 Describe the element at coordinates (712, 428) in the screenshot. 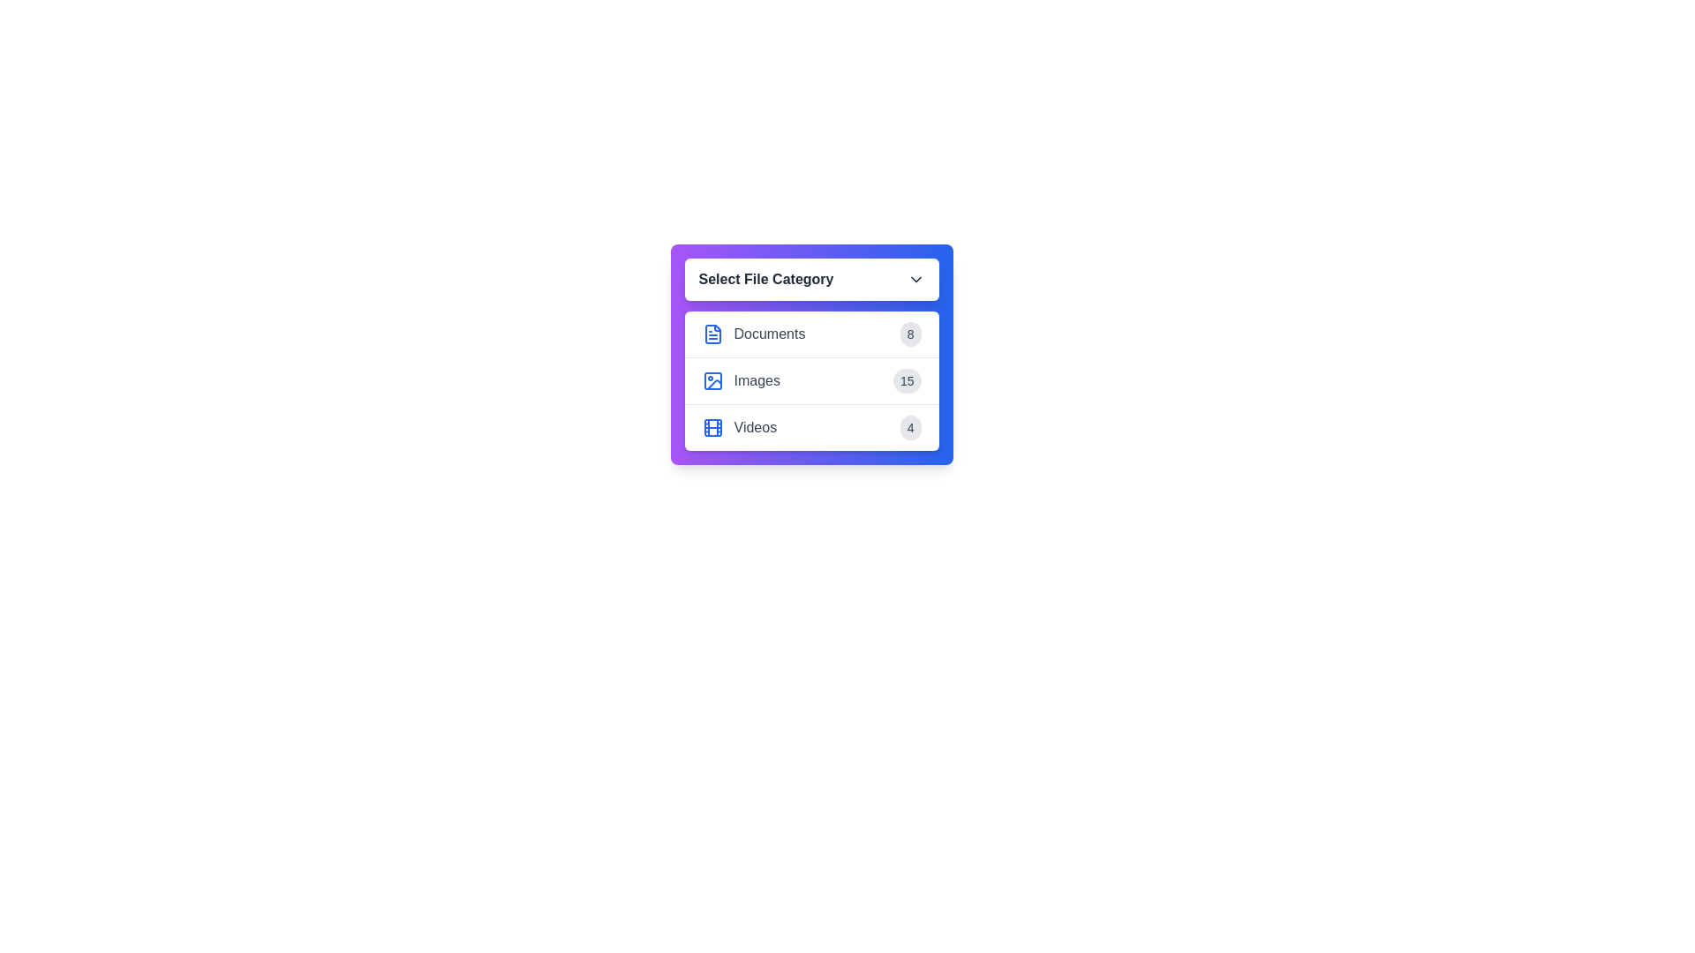

I see `the film icon representing the 'Videos' category, located within the third list item under the label 'Videos'` at that location.